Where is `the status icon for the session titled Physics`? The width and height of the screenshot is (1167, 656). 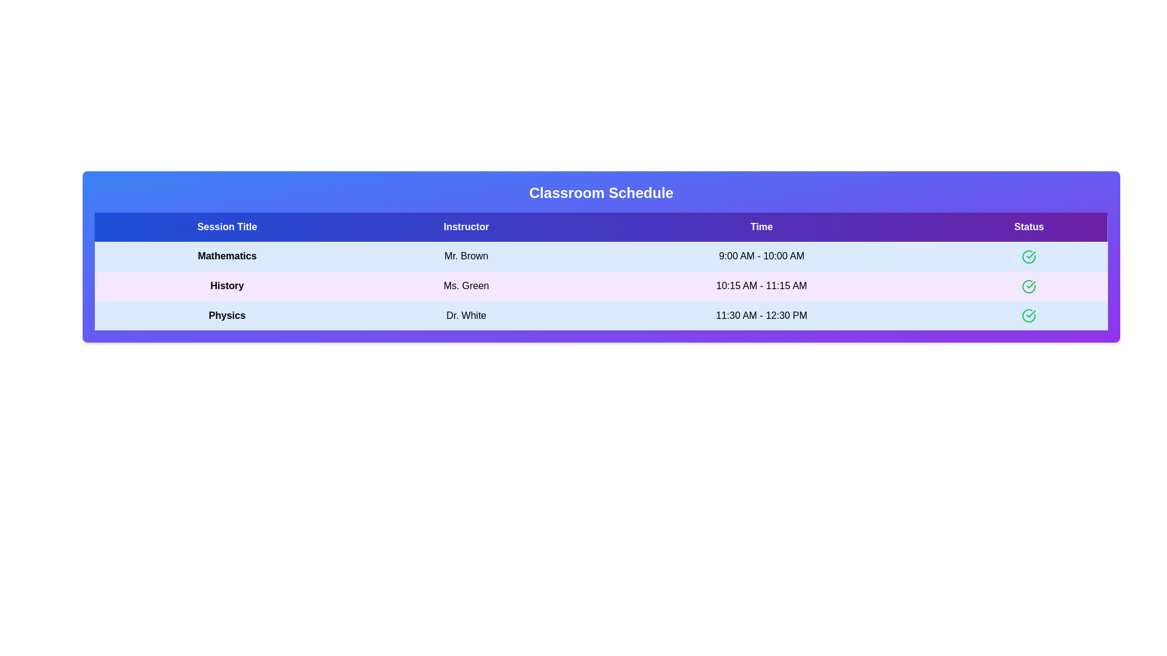 the status icon for the session titled Physics is located at coordinates (1028, 315).